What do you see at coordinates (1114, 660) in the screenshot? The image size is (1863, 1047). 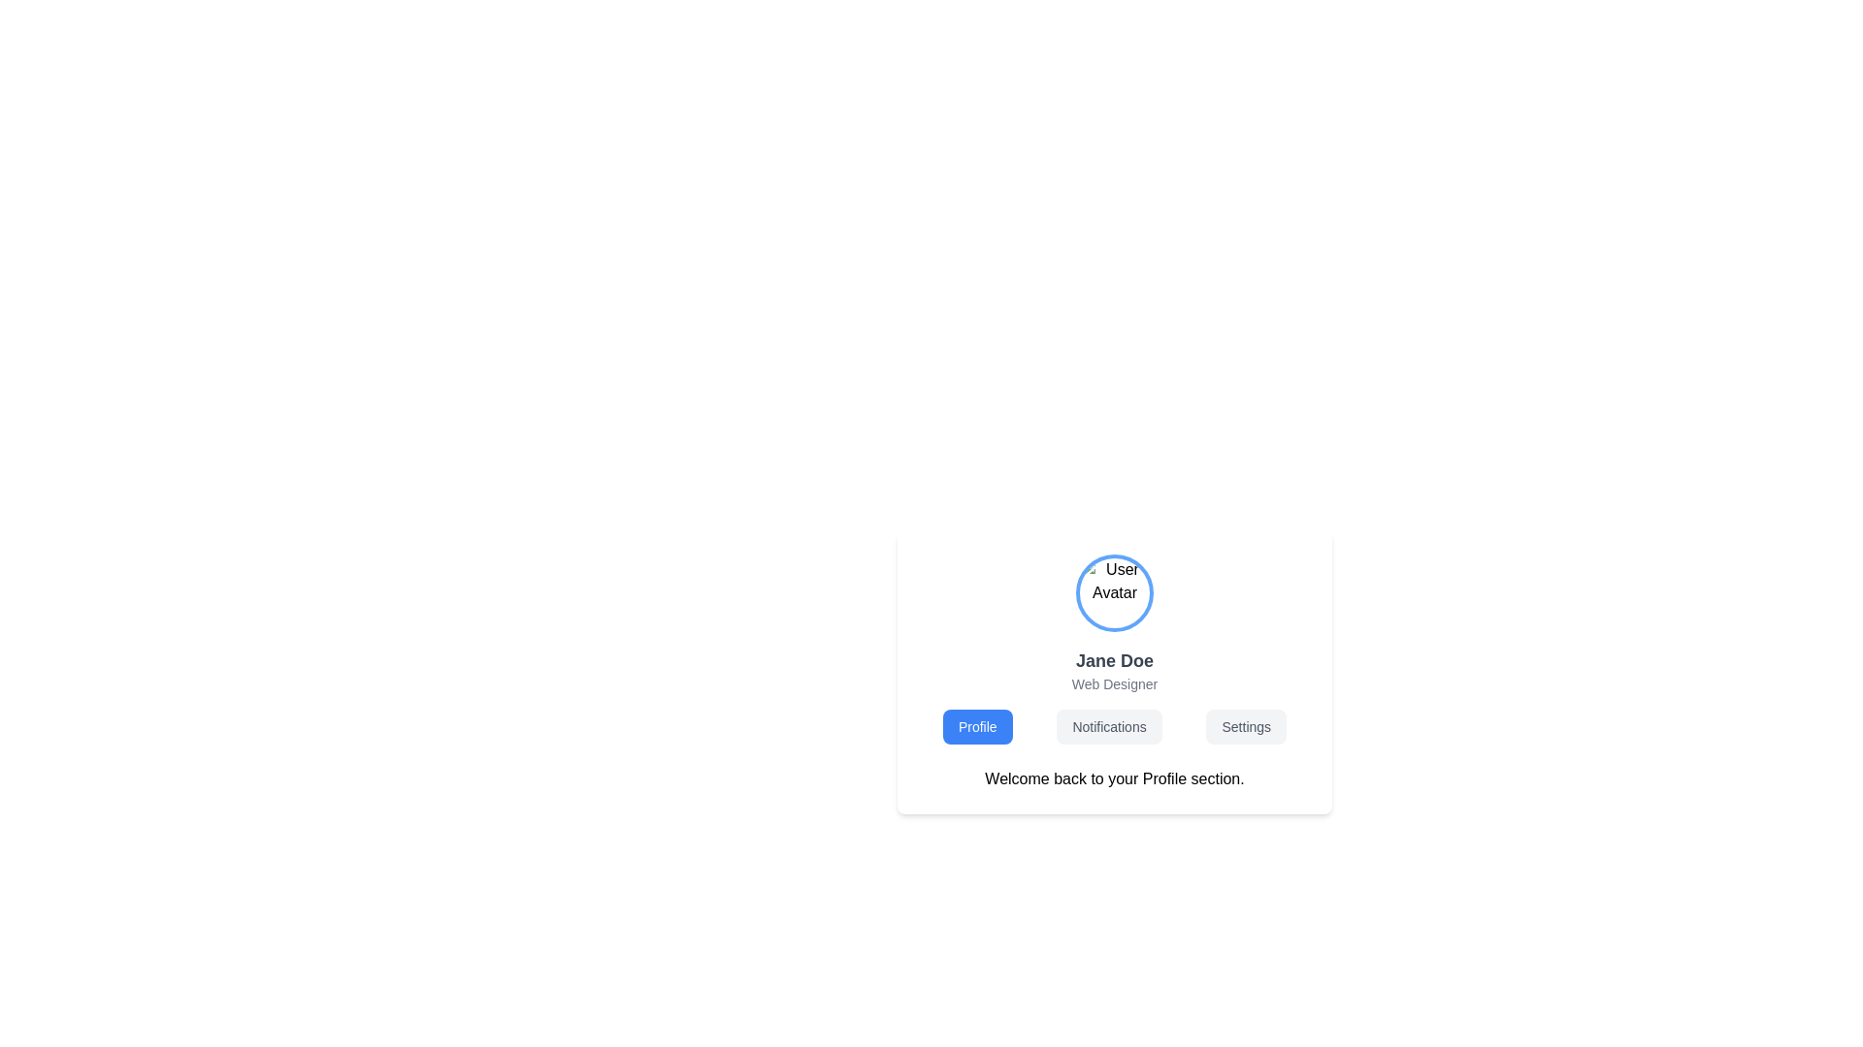 I see `the text label displaying 'Jane Doe', which is bold and gray, located near the top-center of the application layout` at bounding box center [1114, 660].